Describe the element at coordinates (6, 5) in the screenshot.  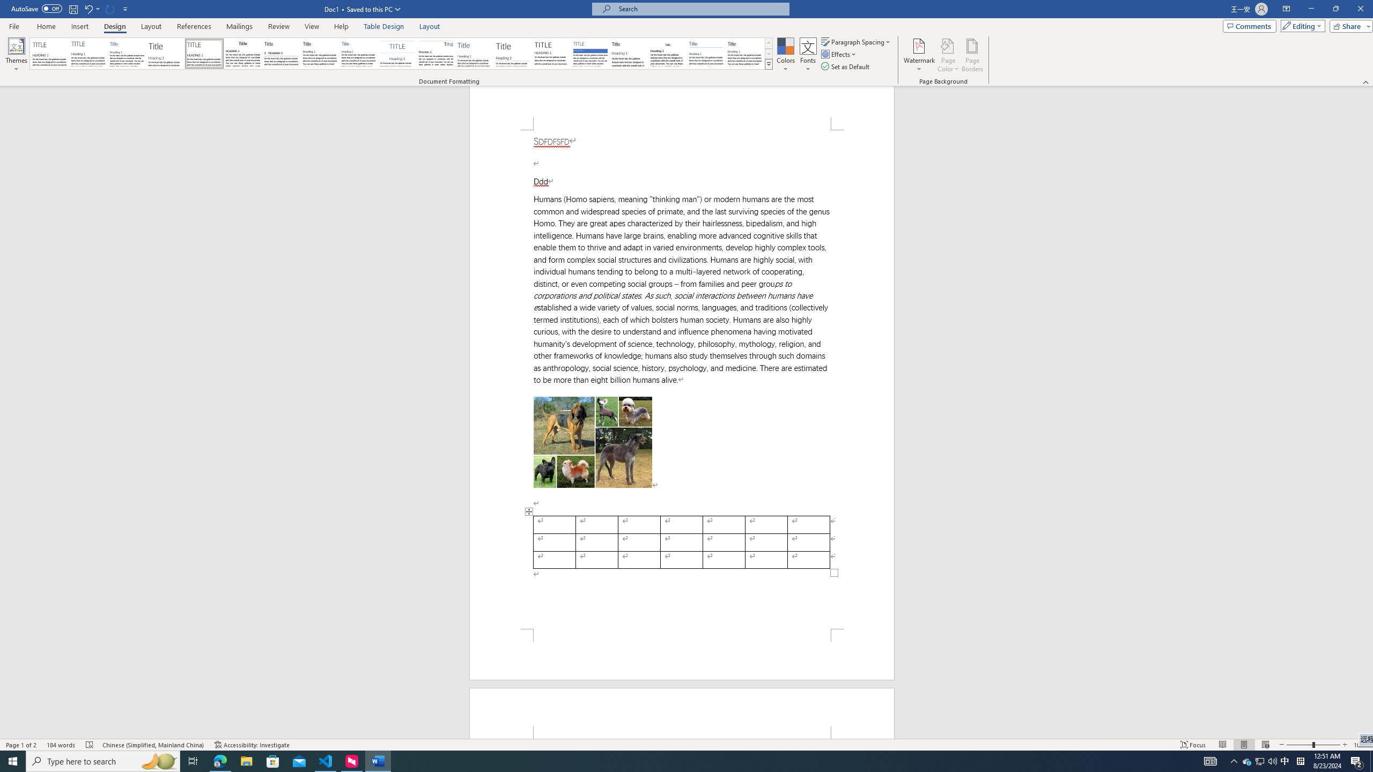
I see `'System'` at that location.